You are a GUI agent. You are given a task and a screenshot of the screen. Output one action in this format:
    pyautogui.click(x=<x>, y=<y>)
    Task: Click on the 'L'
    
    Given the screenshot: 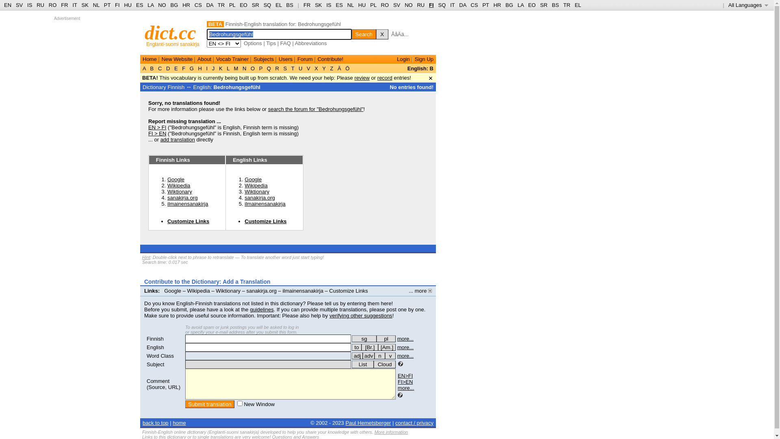 What is the action you would take?
    pyautogui.click(x=227, y=68)
    